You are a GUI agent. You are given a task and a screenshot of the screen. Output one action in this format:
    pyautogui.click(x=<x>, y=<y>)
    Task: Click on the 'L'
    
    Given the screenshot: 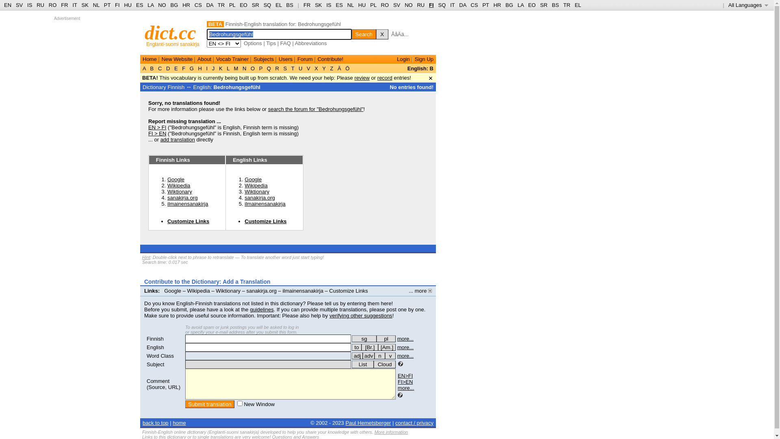 What is the action you would take?
    pyautogui.click(x=227, y=68)
    